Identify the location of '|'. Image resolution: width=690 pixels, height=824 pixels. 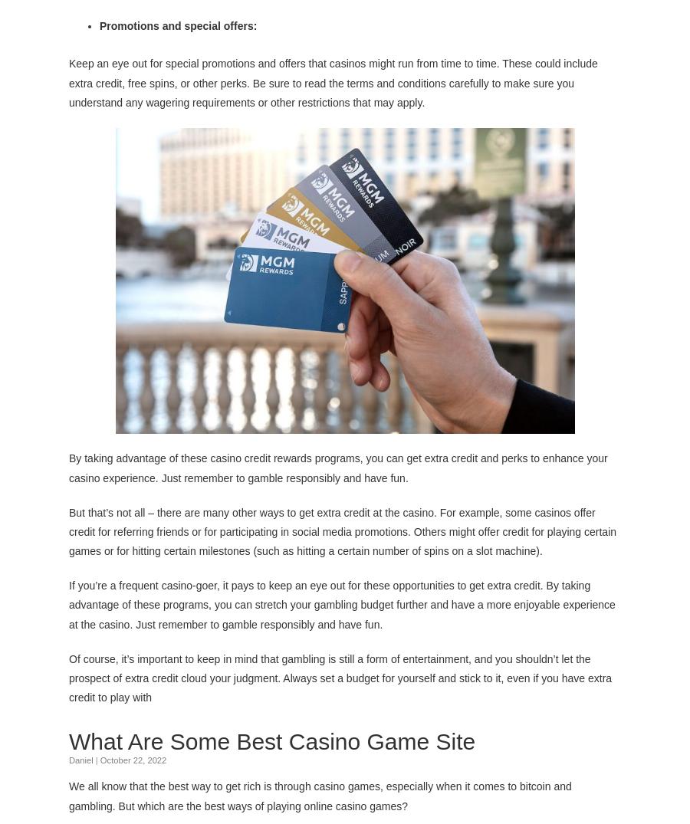
(96, 760).